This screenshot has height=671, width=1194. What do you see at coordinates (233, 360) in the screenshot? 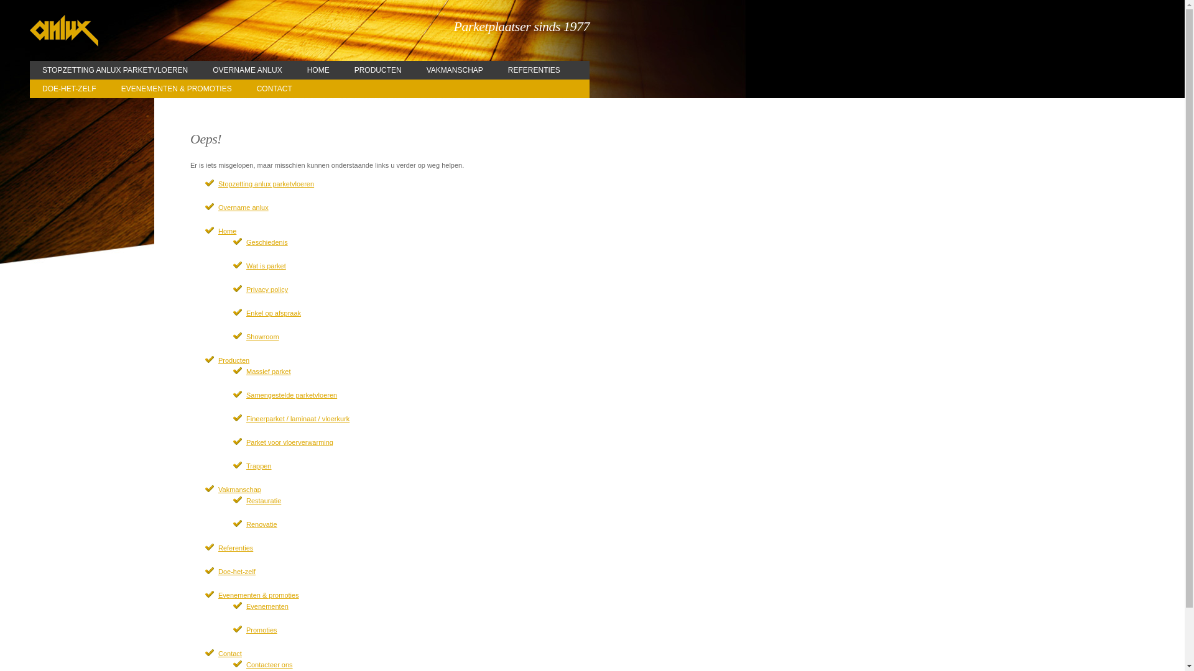
I see `'Producten'` at bounding box center [233, 360].